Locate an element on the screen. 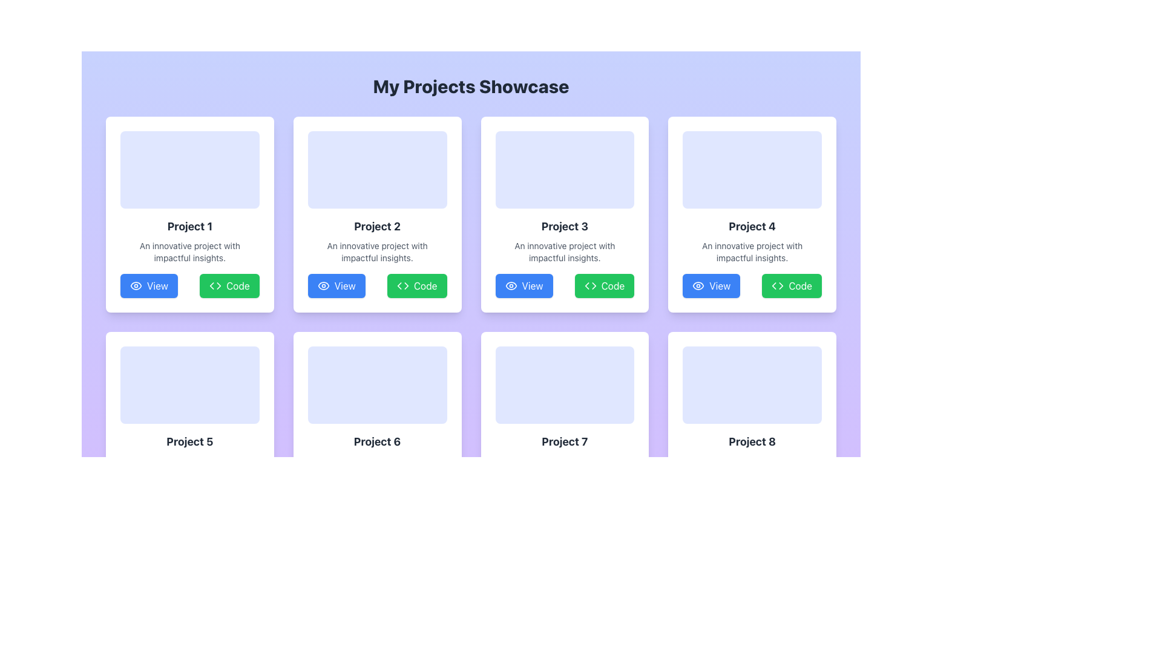 The image size is (1162, 653). the leftward-pointing triangle marker within the 'Code' button of the 'Project 1' card is located at coordinates (212, 286).